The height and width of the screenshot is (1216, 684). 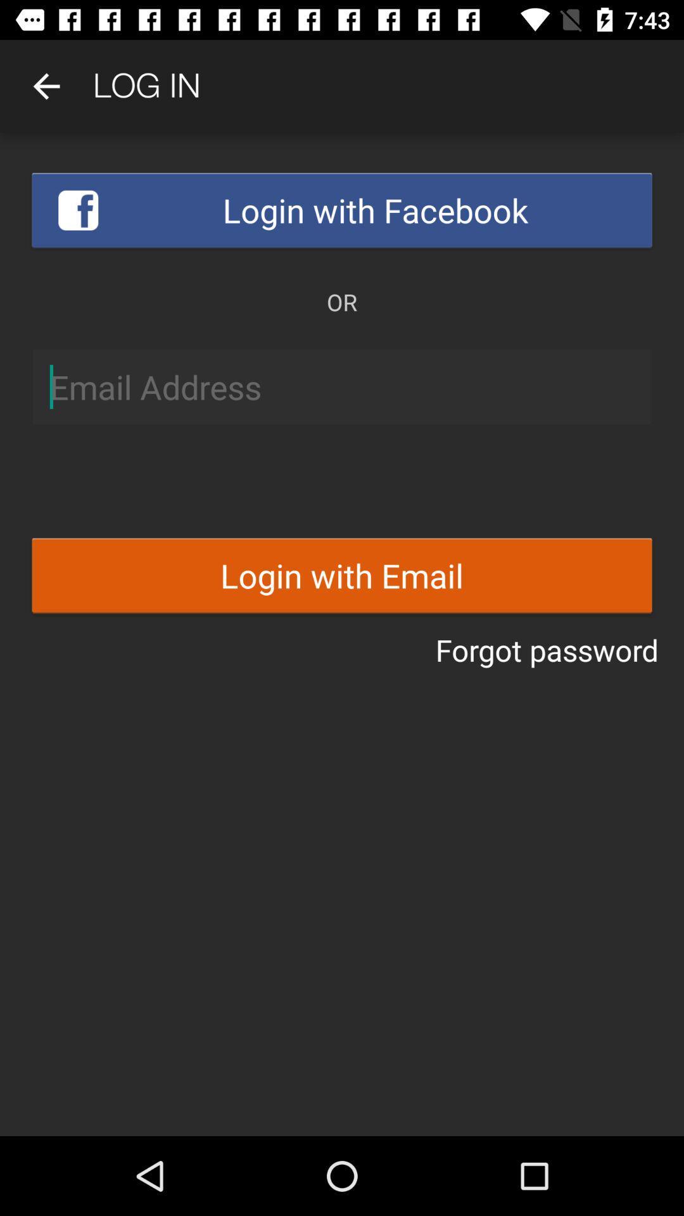 I want to click on the item on the right, so click(x=547, y=650).